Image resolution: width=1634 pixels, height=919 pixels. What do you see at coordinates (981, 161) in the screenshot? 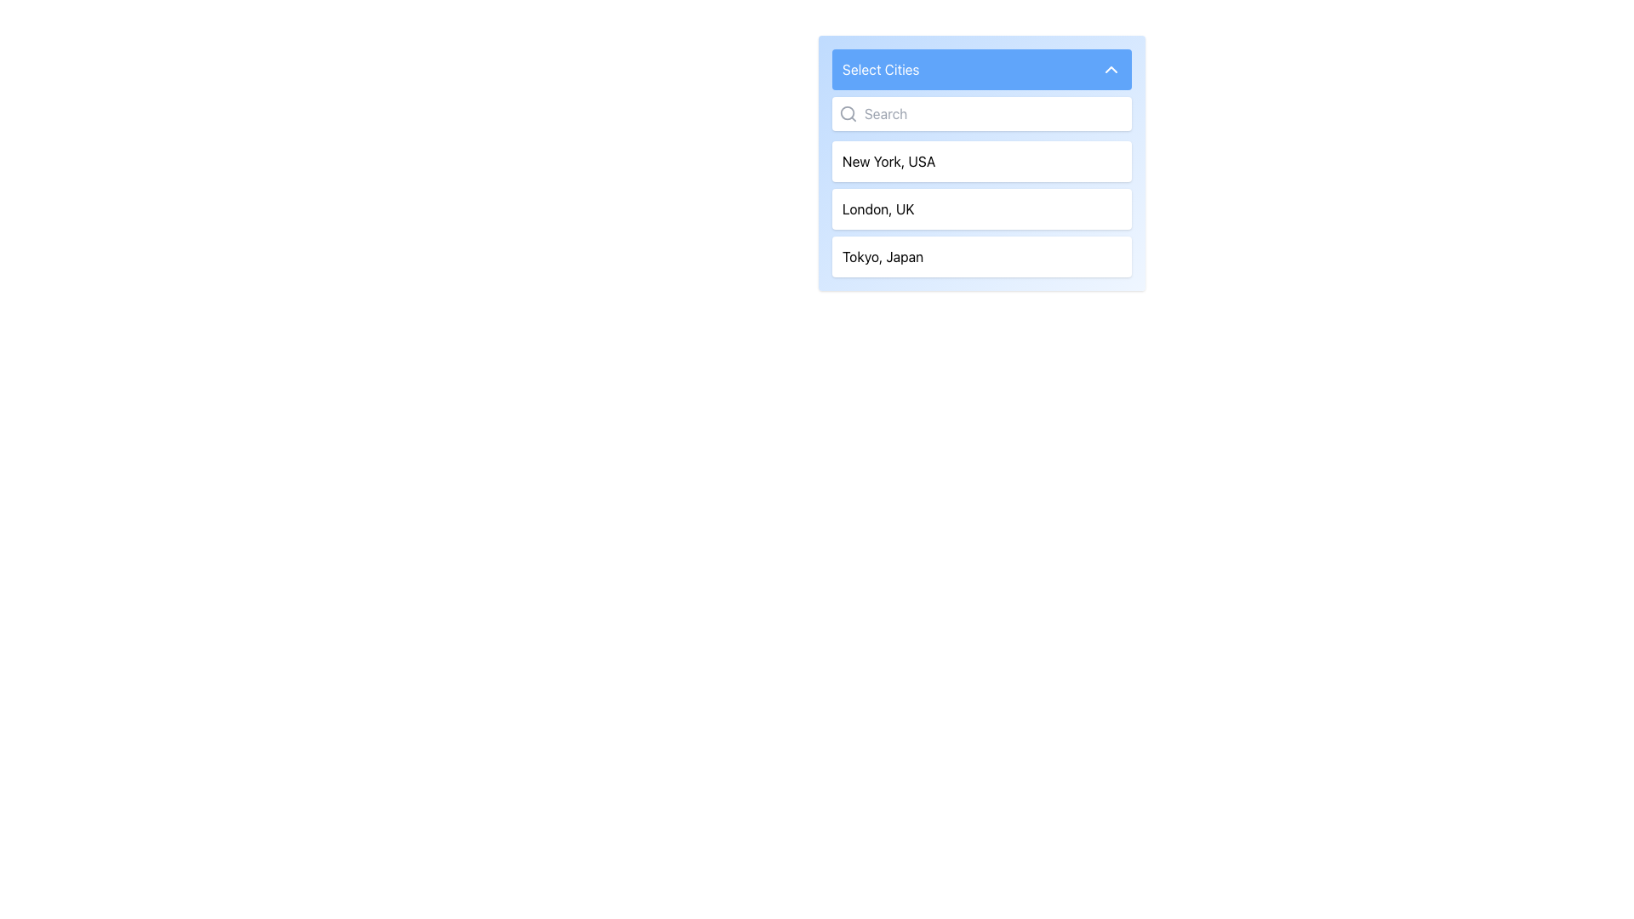
I see `to select the first item in the dropdown menu labeled 'New York, USA', which is a rectangular clickable item with a light background and rounded corners` at bounding box center [981, 161].